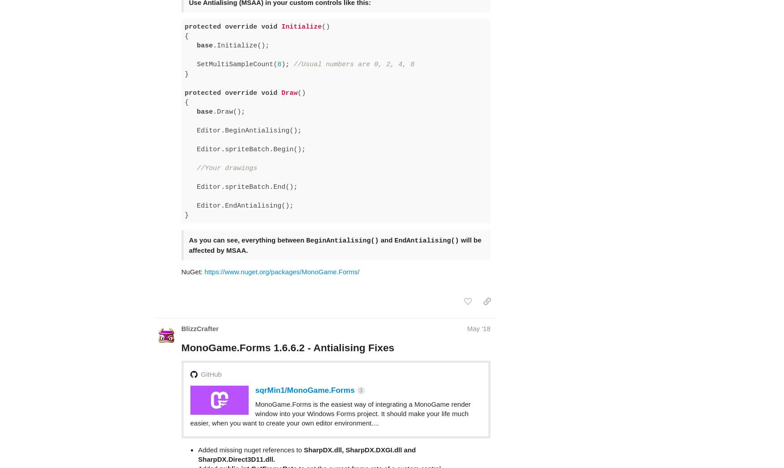 This screenshot has height=468, width=784. I want to click on 'BlizzCrafter', so click(200, 293).